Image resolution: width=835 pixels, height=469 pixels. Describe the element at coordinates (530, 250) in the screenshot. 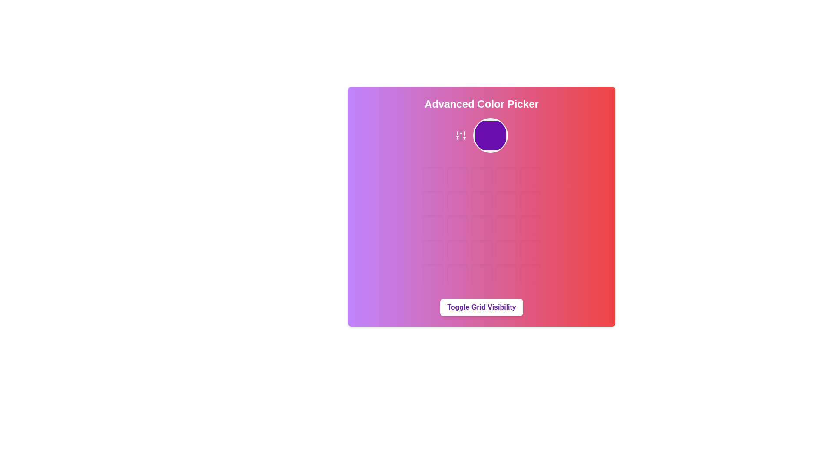

I see `the interactive visual block located in the last column and the fourth row of the grid layout` at that location.